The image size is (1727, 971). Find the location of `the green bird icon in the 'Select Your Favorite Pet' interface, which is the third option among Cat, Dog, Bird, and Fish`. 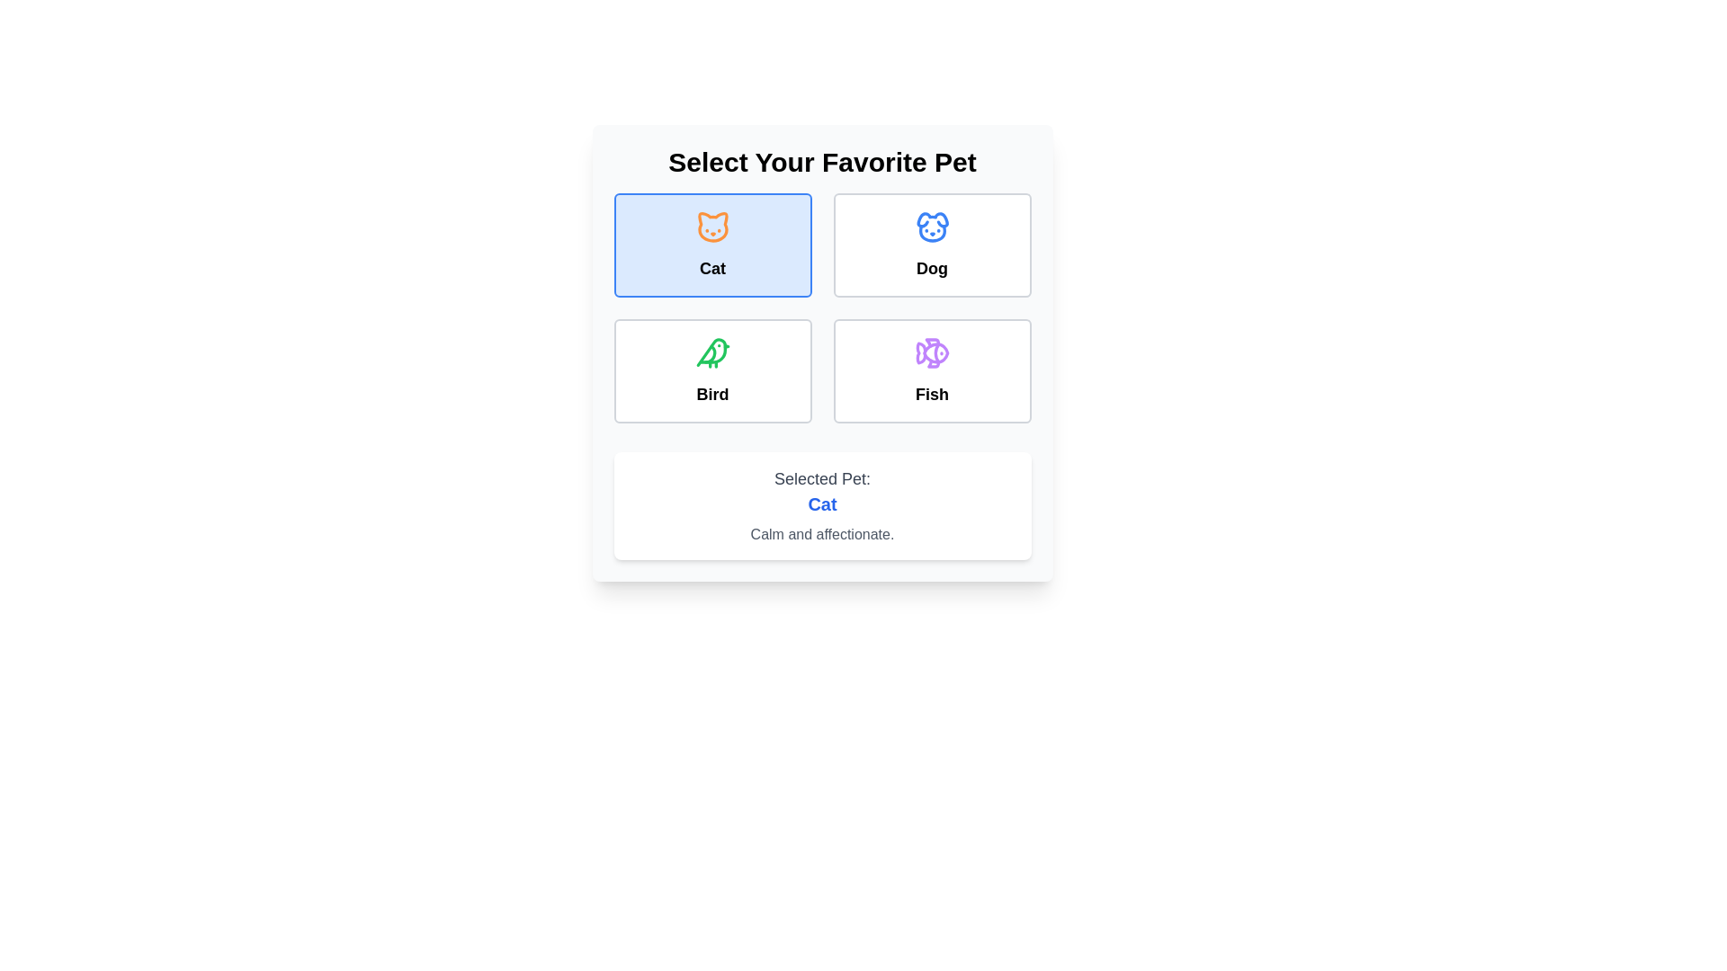

the green bird icon in the 'Select Your Favorite Pet' interface, which is the third option among Cat, Dog, Bird, and Fish is located at coordinates (710, 352).